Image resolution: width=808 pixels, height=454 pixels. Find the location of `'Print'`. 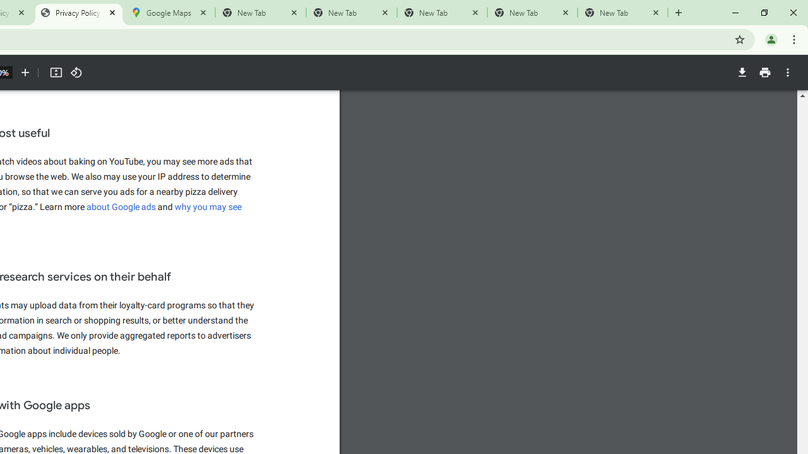

'Print' is located at coordinates (764, 73).